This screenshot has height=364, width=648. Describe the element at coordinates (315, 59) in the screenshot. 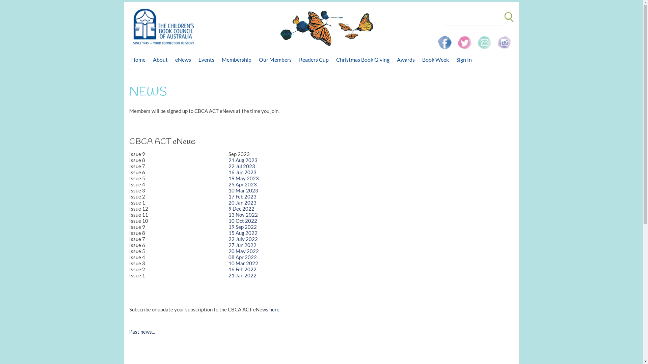

I see `'Readers Cup'` at that location.